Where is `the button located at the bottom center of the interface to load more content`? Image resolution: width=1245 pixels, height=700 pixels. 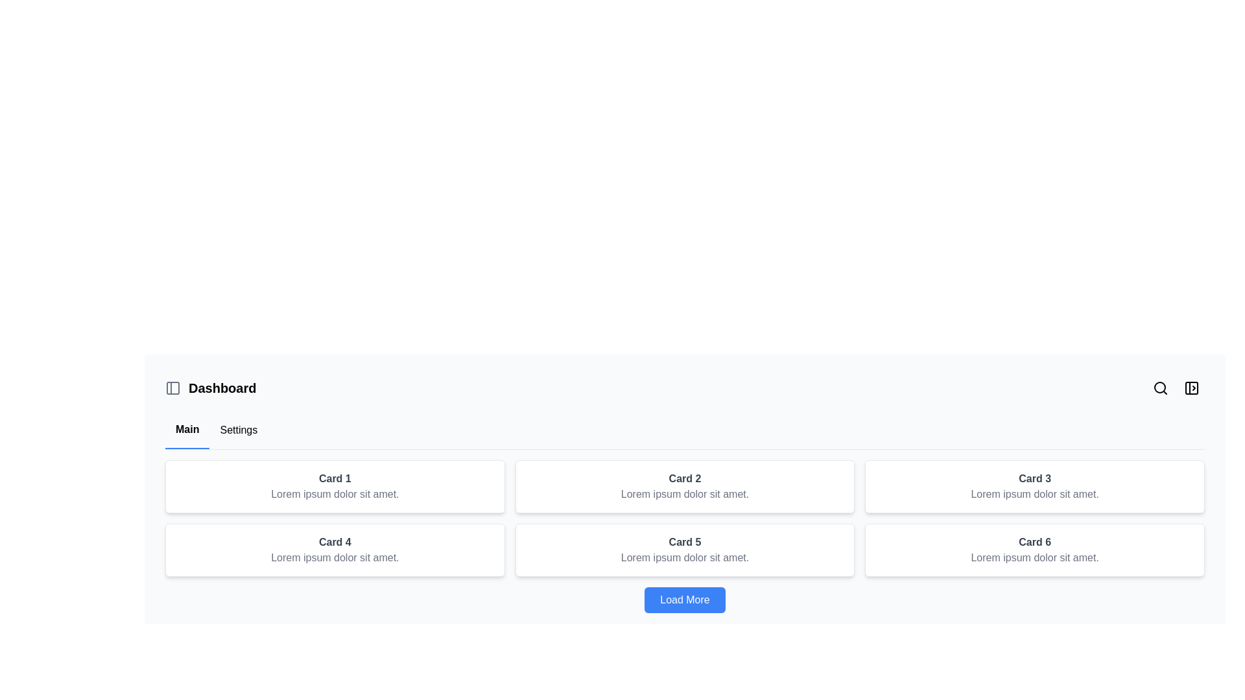
the button located at the bottom center of the interface to load more content is located at coordinates (684, 600).